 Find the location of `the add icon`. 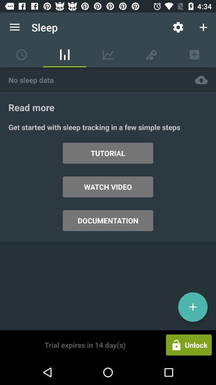

the add icon is located at coordinates (192, 306).